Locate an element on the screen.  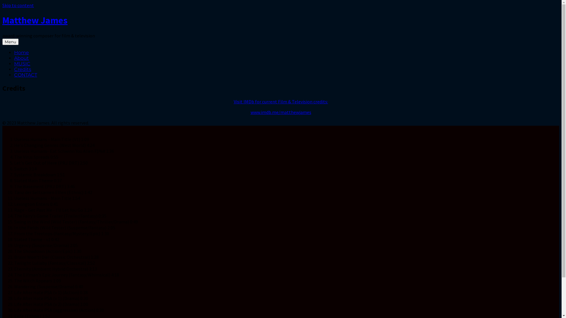
'www.imdb.me/matthewjames' is located at coordinates (281, 112).